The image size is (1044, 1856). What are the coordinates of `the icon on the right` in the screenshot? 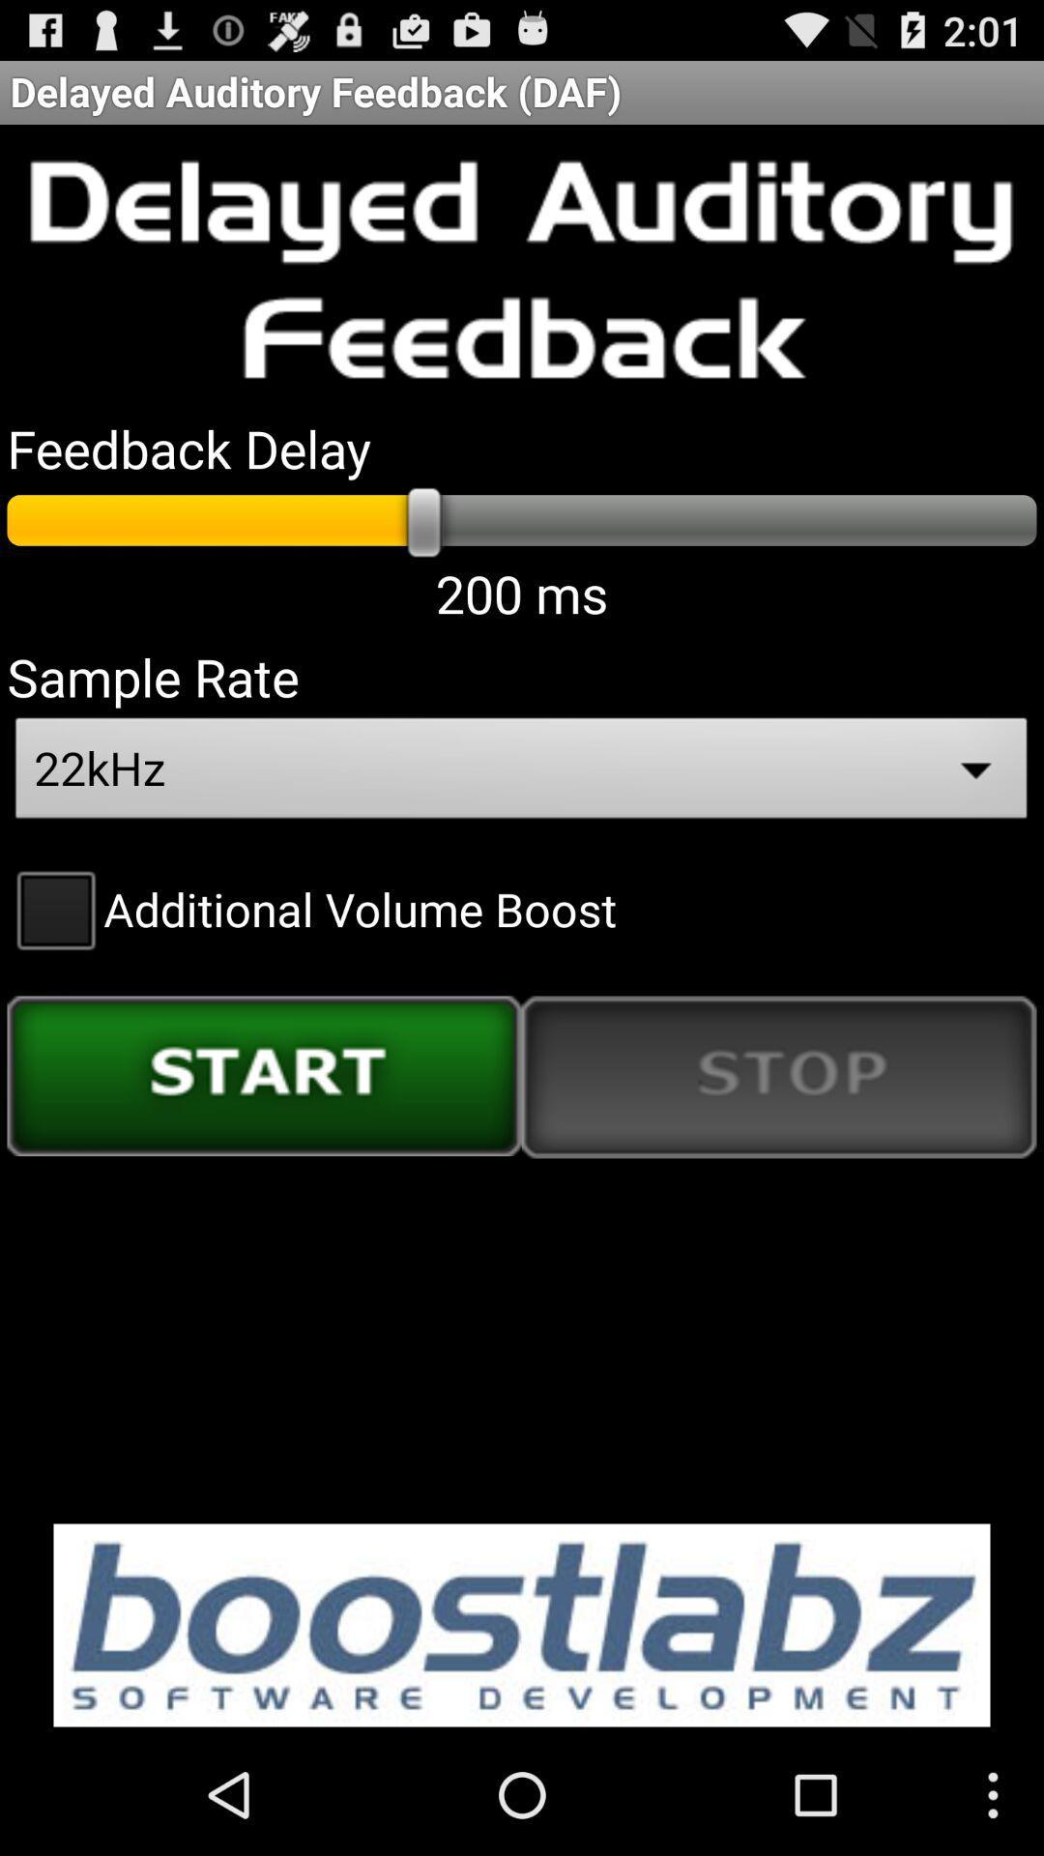 It's located at (778, 1076).